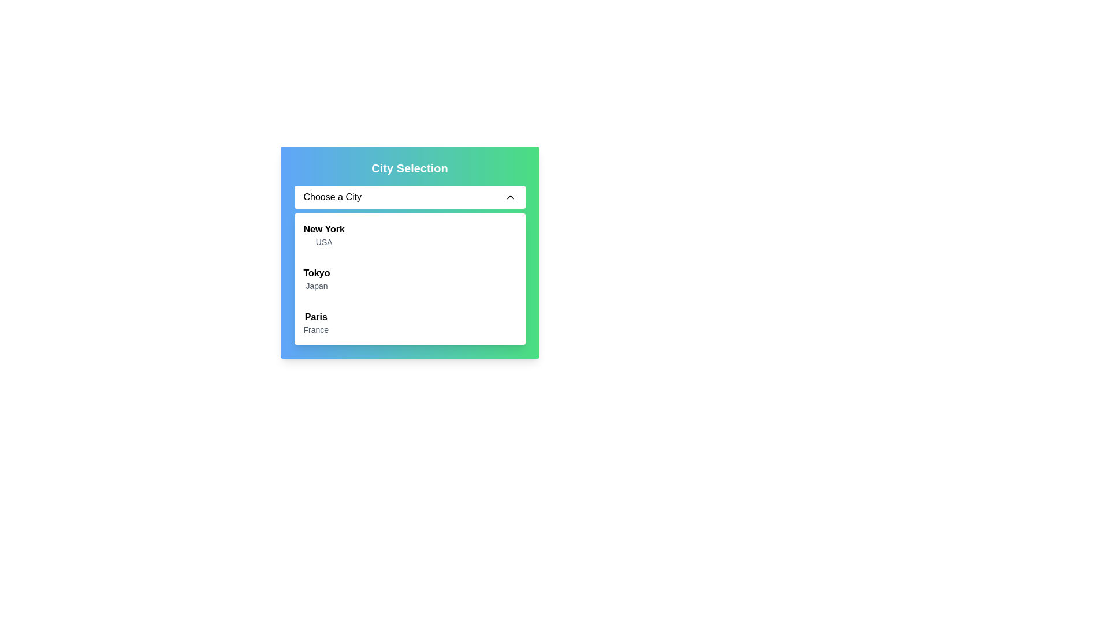 The width and height of the screenshot is (1109, 623). I want to click on the text label displaying the word 'Paris' in bold style, which is positioned above the word 'France' in the city selection dropdown list, so click(316, 317).